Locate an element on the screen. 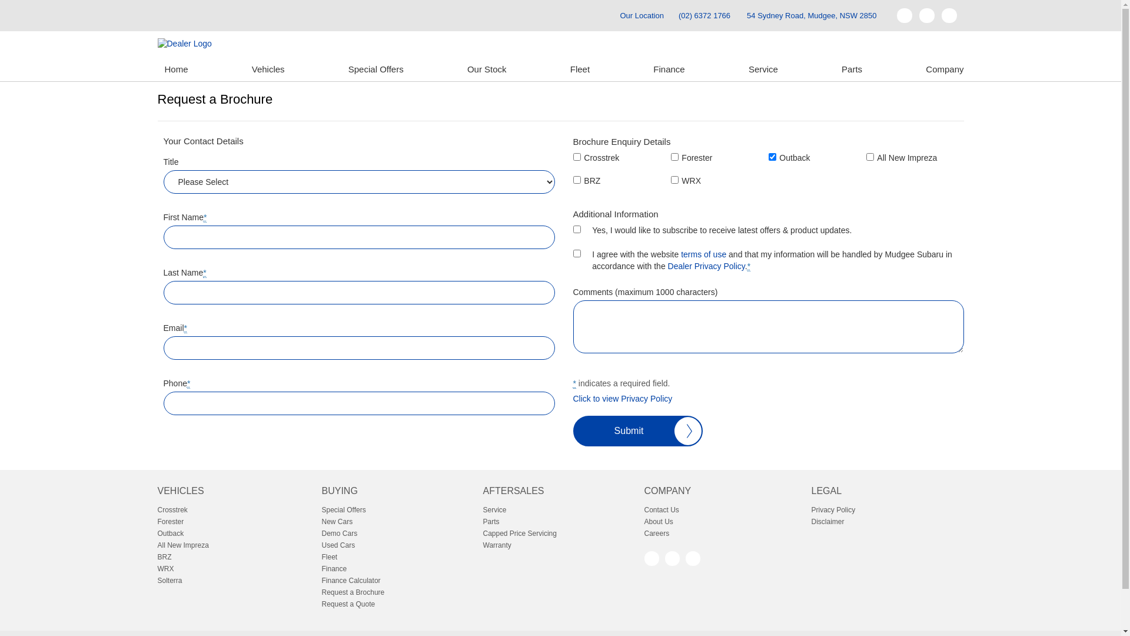  'Special Offers' is located at coordinates (375, 69).